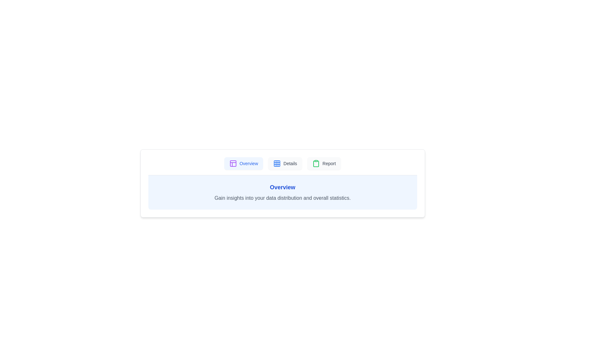  I want to click on the tab labeled Report and read its content, so click(324, 163).